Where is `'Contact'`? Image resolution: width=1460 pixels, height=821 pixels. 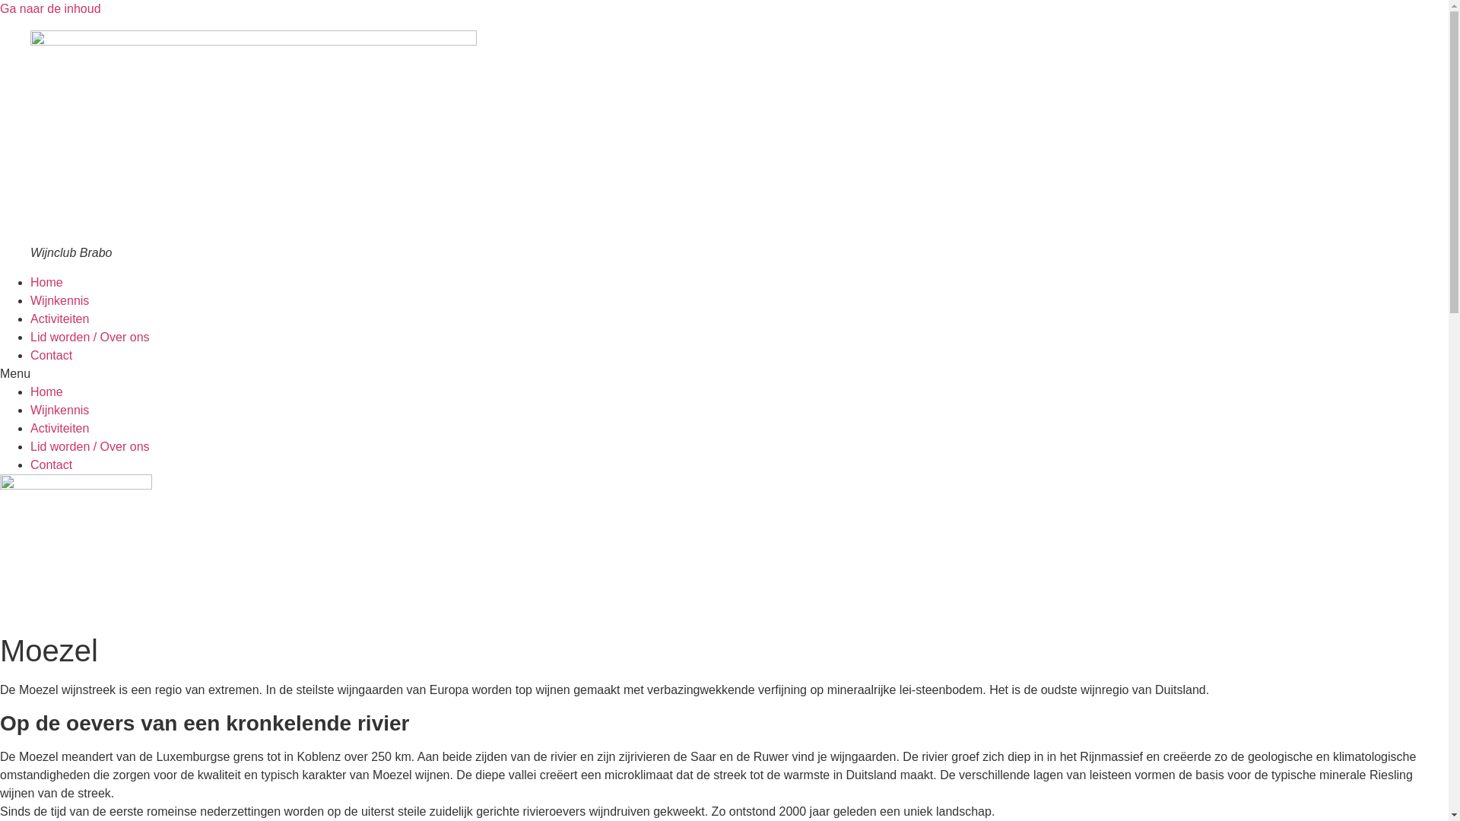
'Contact' is located at coordinates (51, 464).